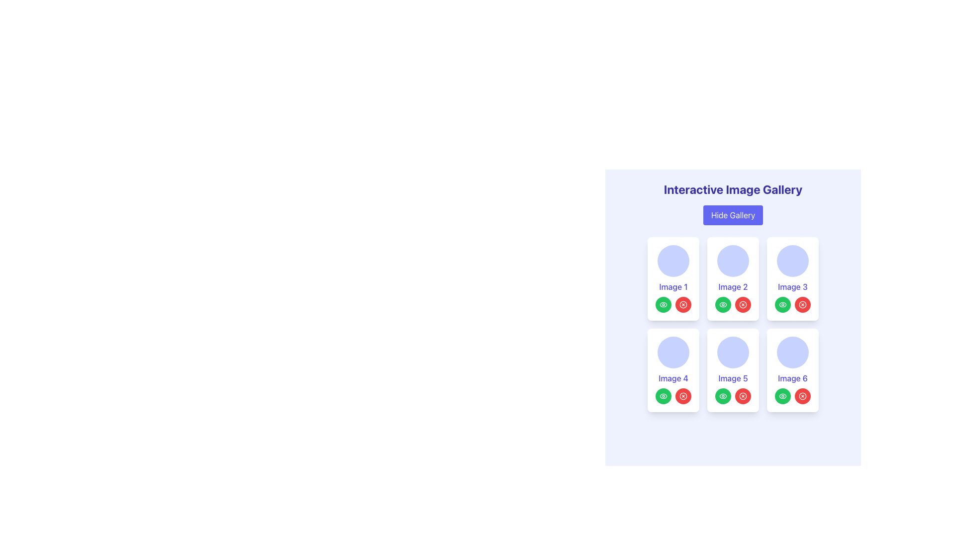 The image size is (955, 537). Describe the element at coordinates (723, 396) in the screenshot. I see `the 'view' icon button located in the control section of the card representing 'Image 5' in the 'Interactive Image Gallery'` at that location.